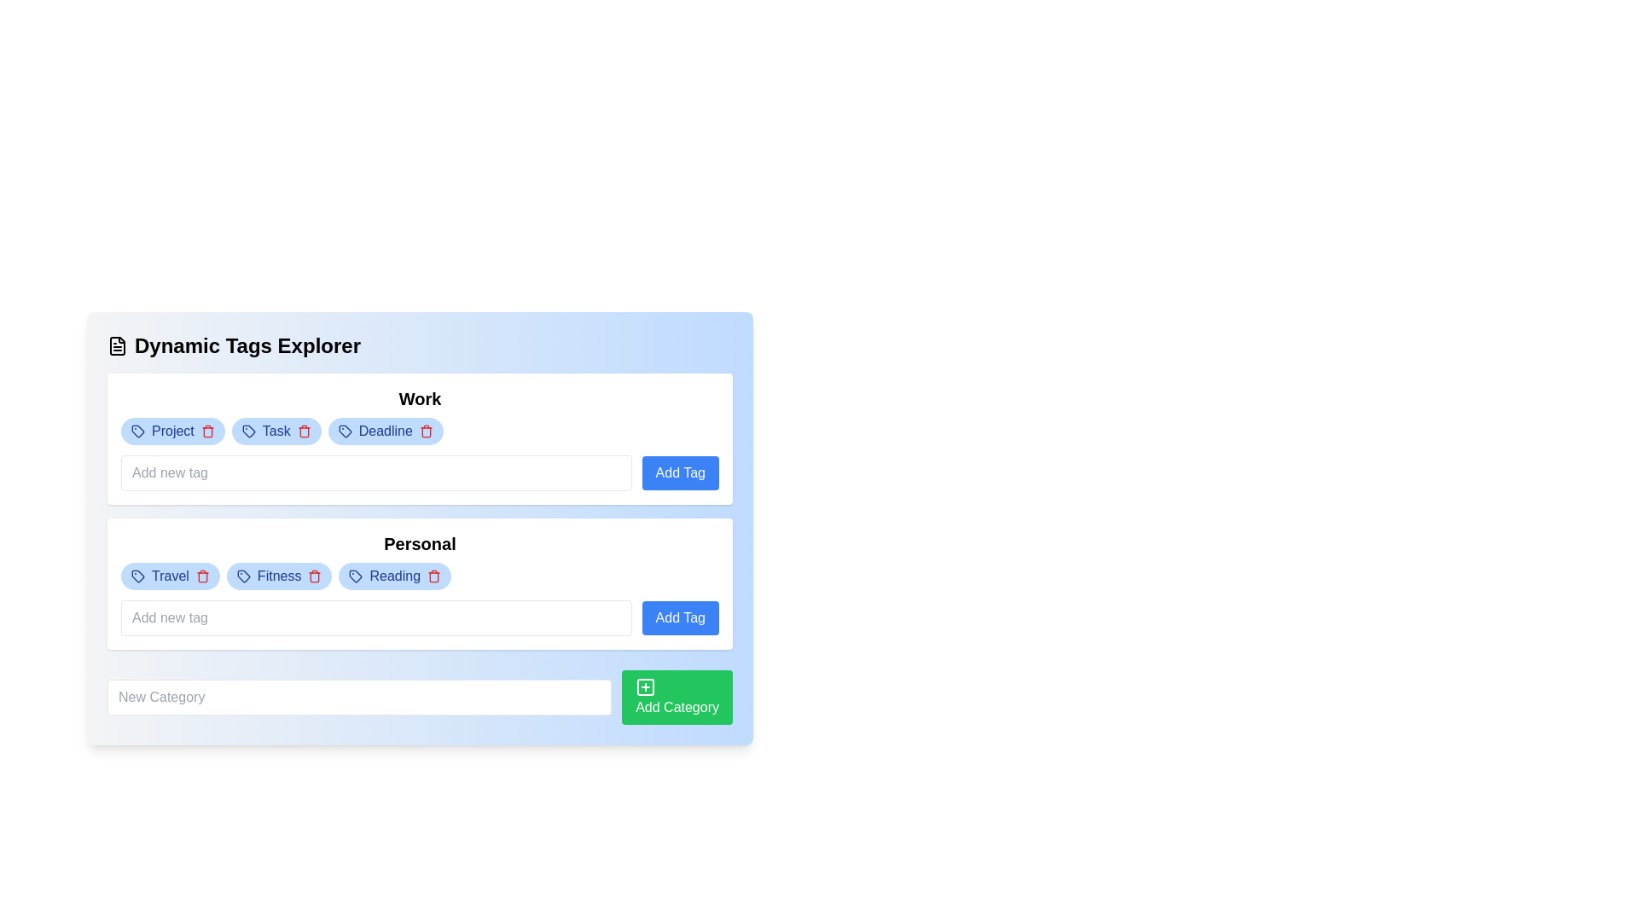 Image resolution: width=1638 pixels, height=921 pixels. Describe the element at coordinates (172, 430) in the screenshot. I see `the rounded blue badge labeled 'Project' located in the top-left corner of the 'Work' section under 'Dynamic Tags Explorer'` at that location.